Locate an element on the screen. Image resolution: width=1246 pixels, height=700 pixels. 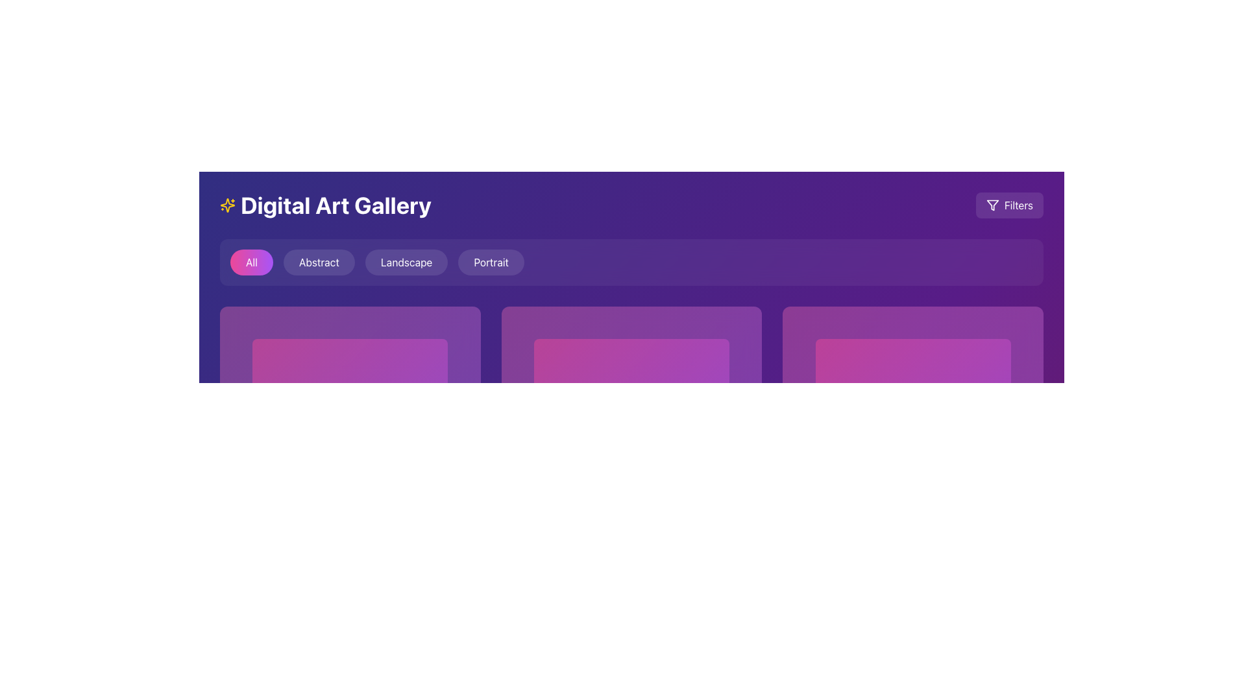
the decorative SVG graphic icon located at the top left area of the interface, adjacent to the title 'Digital Art Gallery' is located at coordinates (227, 204).